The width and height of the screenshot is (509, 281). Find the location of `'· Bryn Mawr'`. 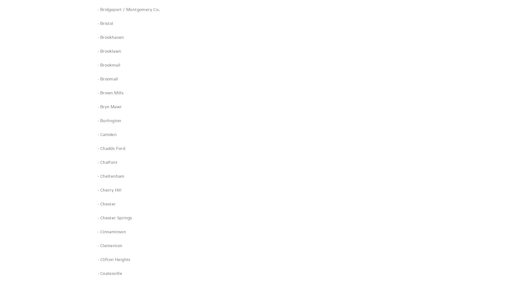

'· Bryn Mawr' is located at coordinates (109, 106).